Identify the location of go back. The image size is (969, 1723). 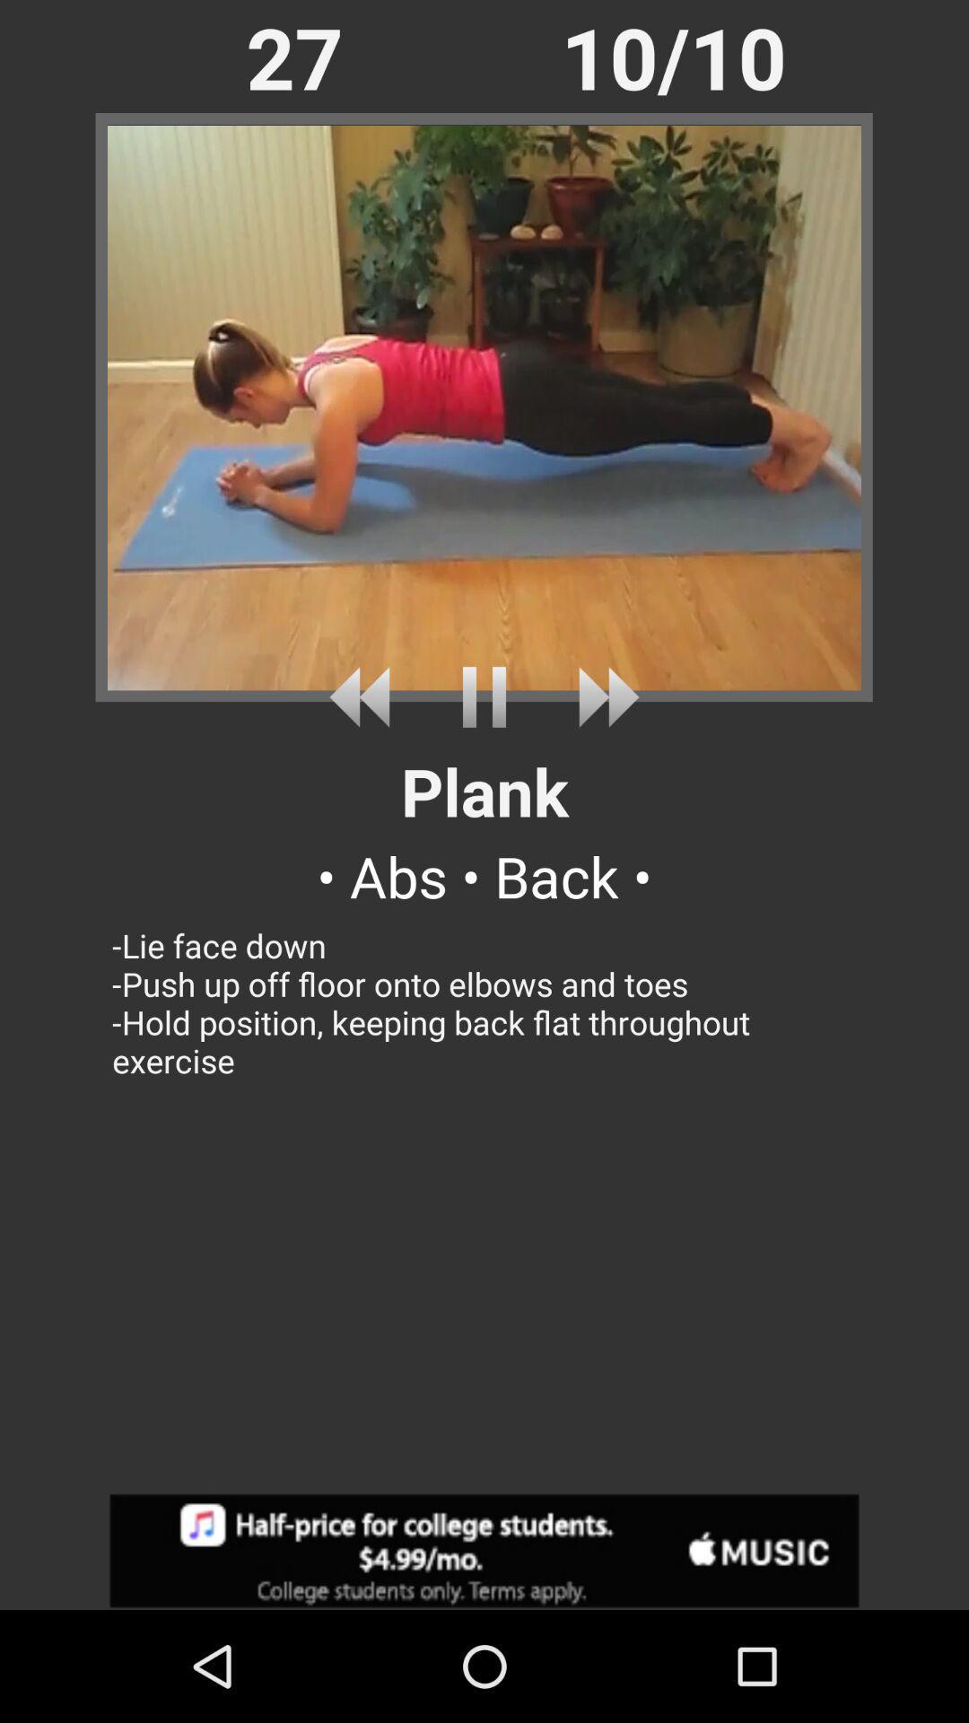
(365, 696).